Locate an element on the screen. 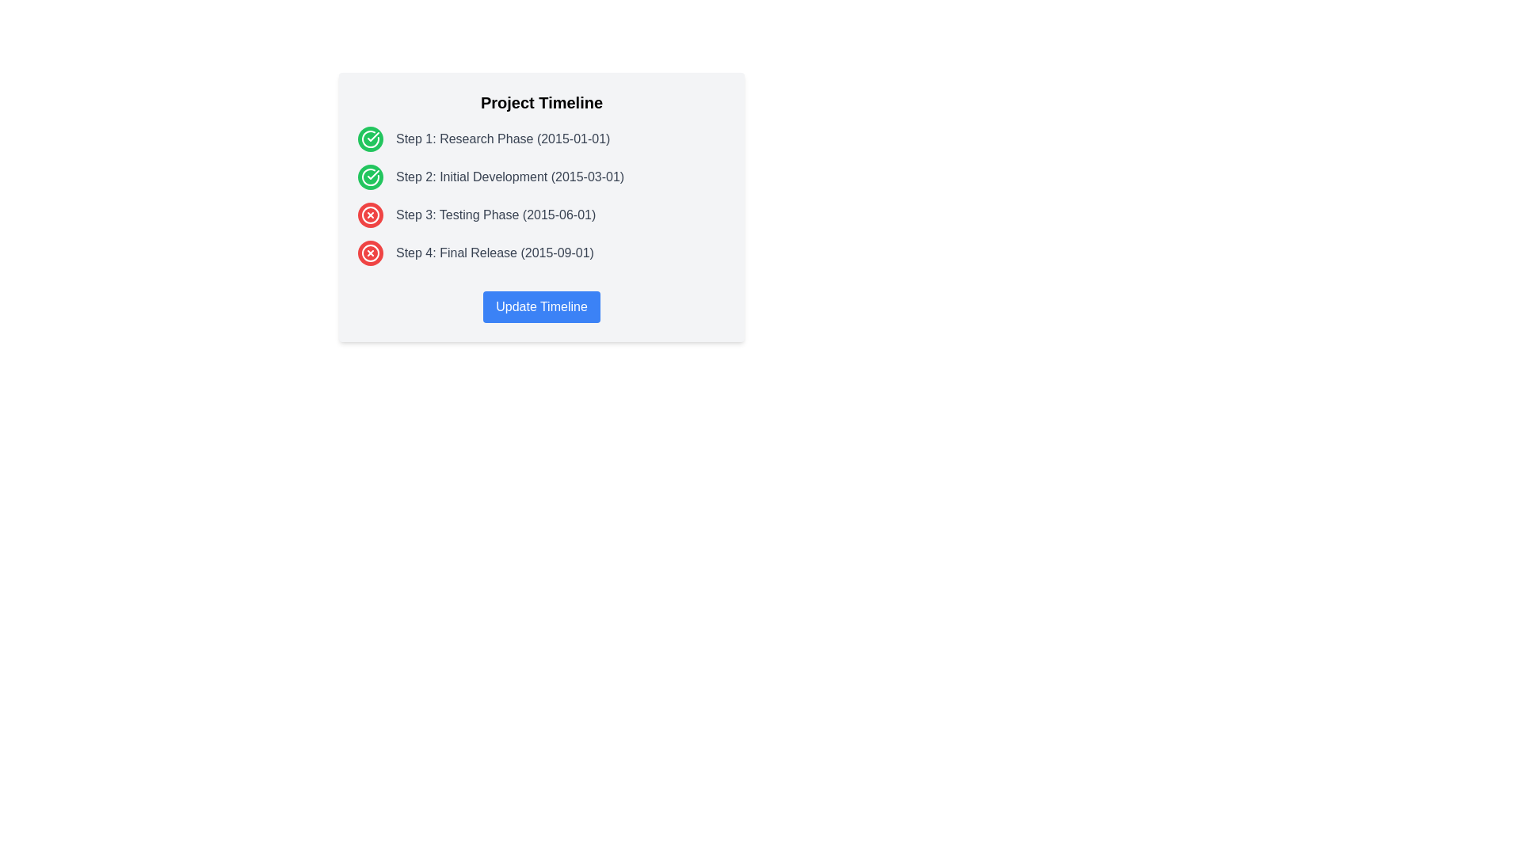 The width and height of the screenshot is (1521, 855). the green circular checkmark icon next to the label 'Step 1: Research Phase (2015-01-01)' to understand the completion status is located at coordinates (372, 174).